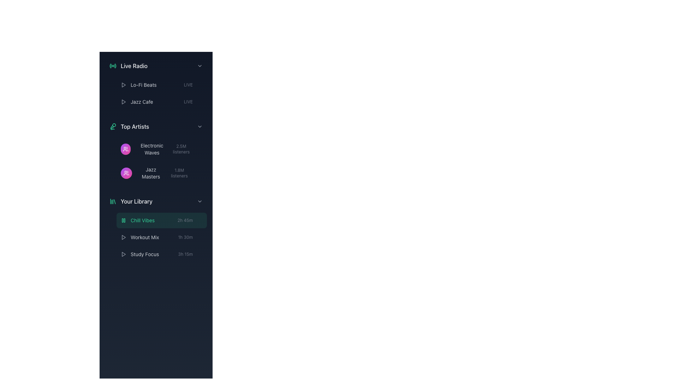 This screenshot has width=678, height=381. I want to click on the right-hand rectangle of the 'pause' icon associated with the 'Chill Vibes' track in the 'Your Library' section, so click(124, 220).